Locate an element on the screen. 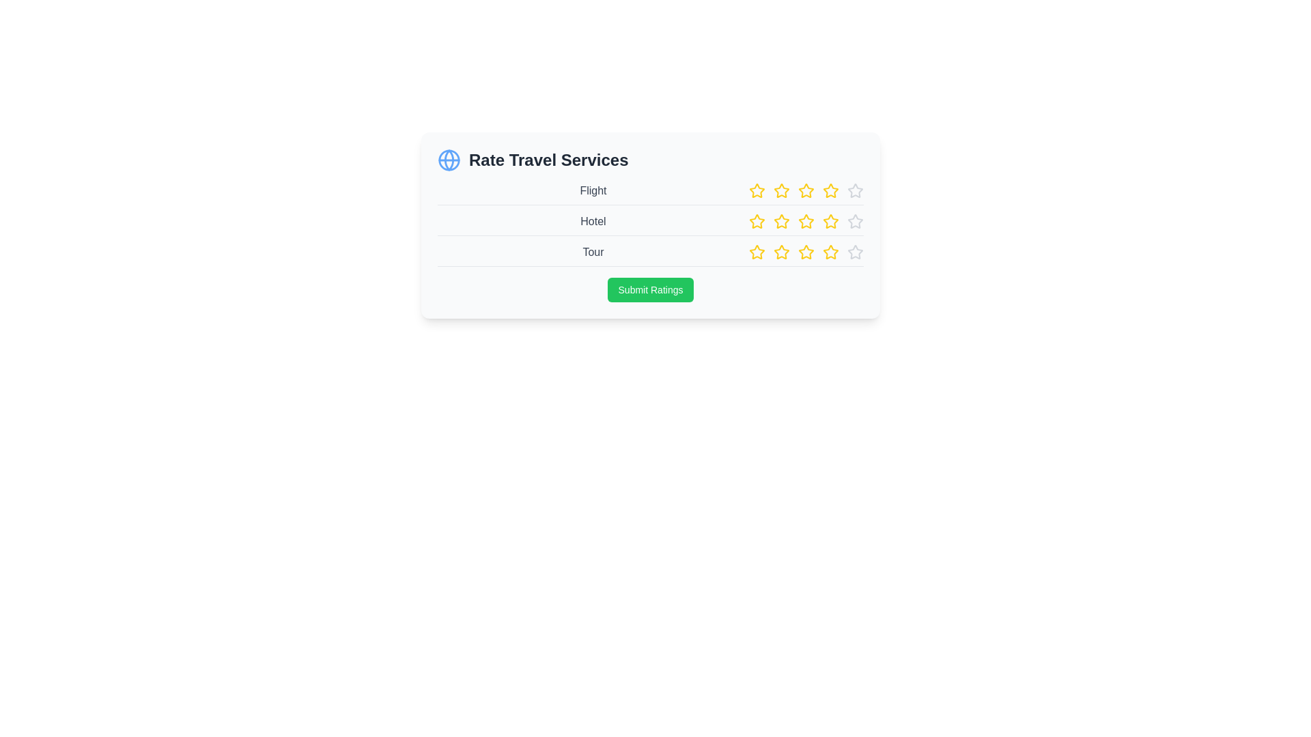  the fourth star in the 'Tour' row of the rating section, which is a golden star-shaped icon with a white center, to receive feedback is located at coordinates (806, 252).